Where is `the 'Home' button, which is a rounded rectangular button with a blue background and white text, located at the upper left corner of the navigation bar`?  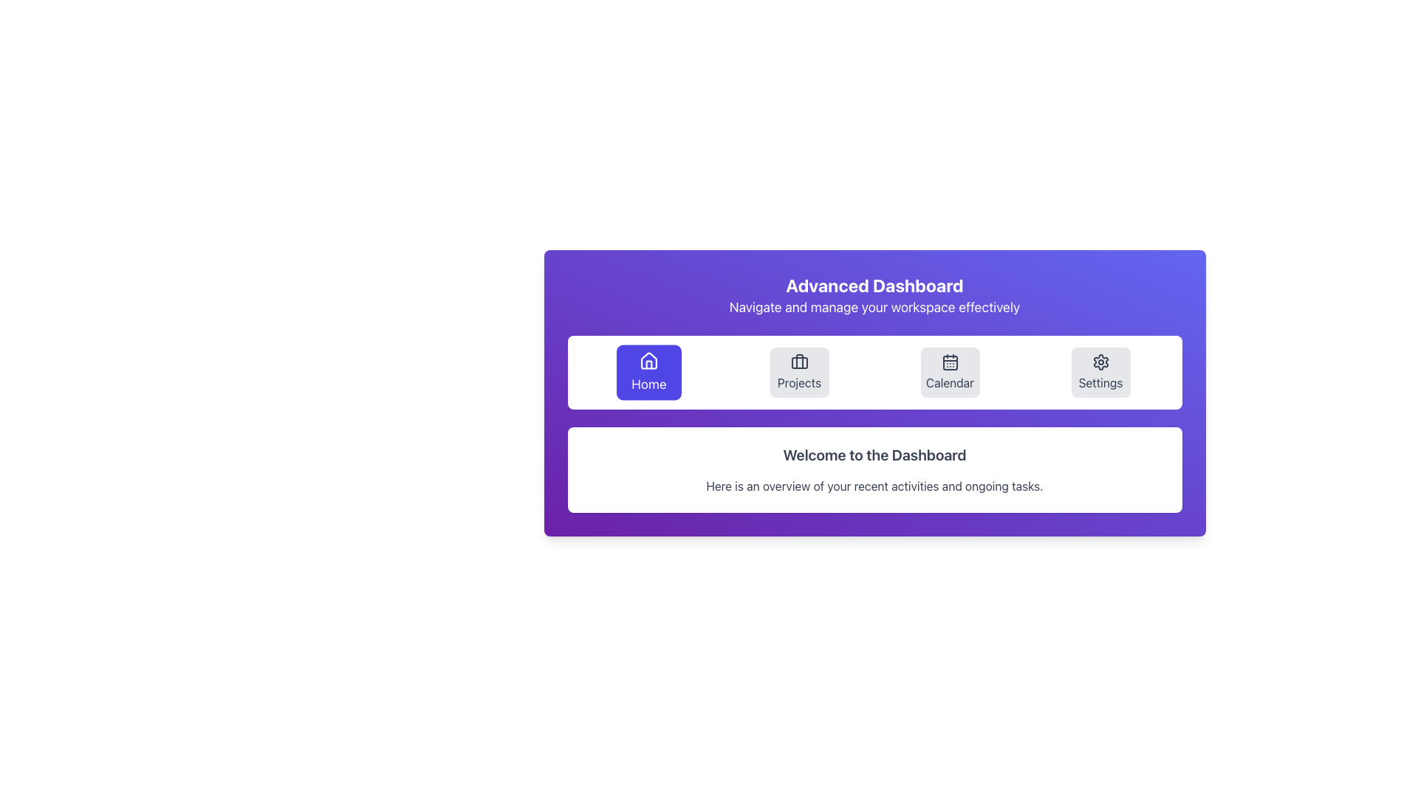 the 'Home' button, which is a rounded rectangular button with a blue background and white text, located at the upper left corner of the navigation bar is located at coordinates (648, 383).